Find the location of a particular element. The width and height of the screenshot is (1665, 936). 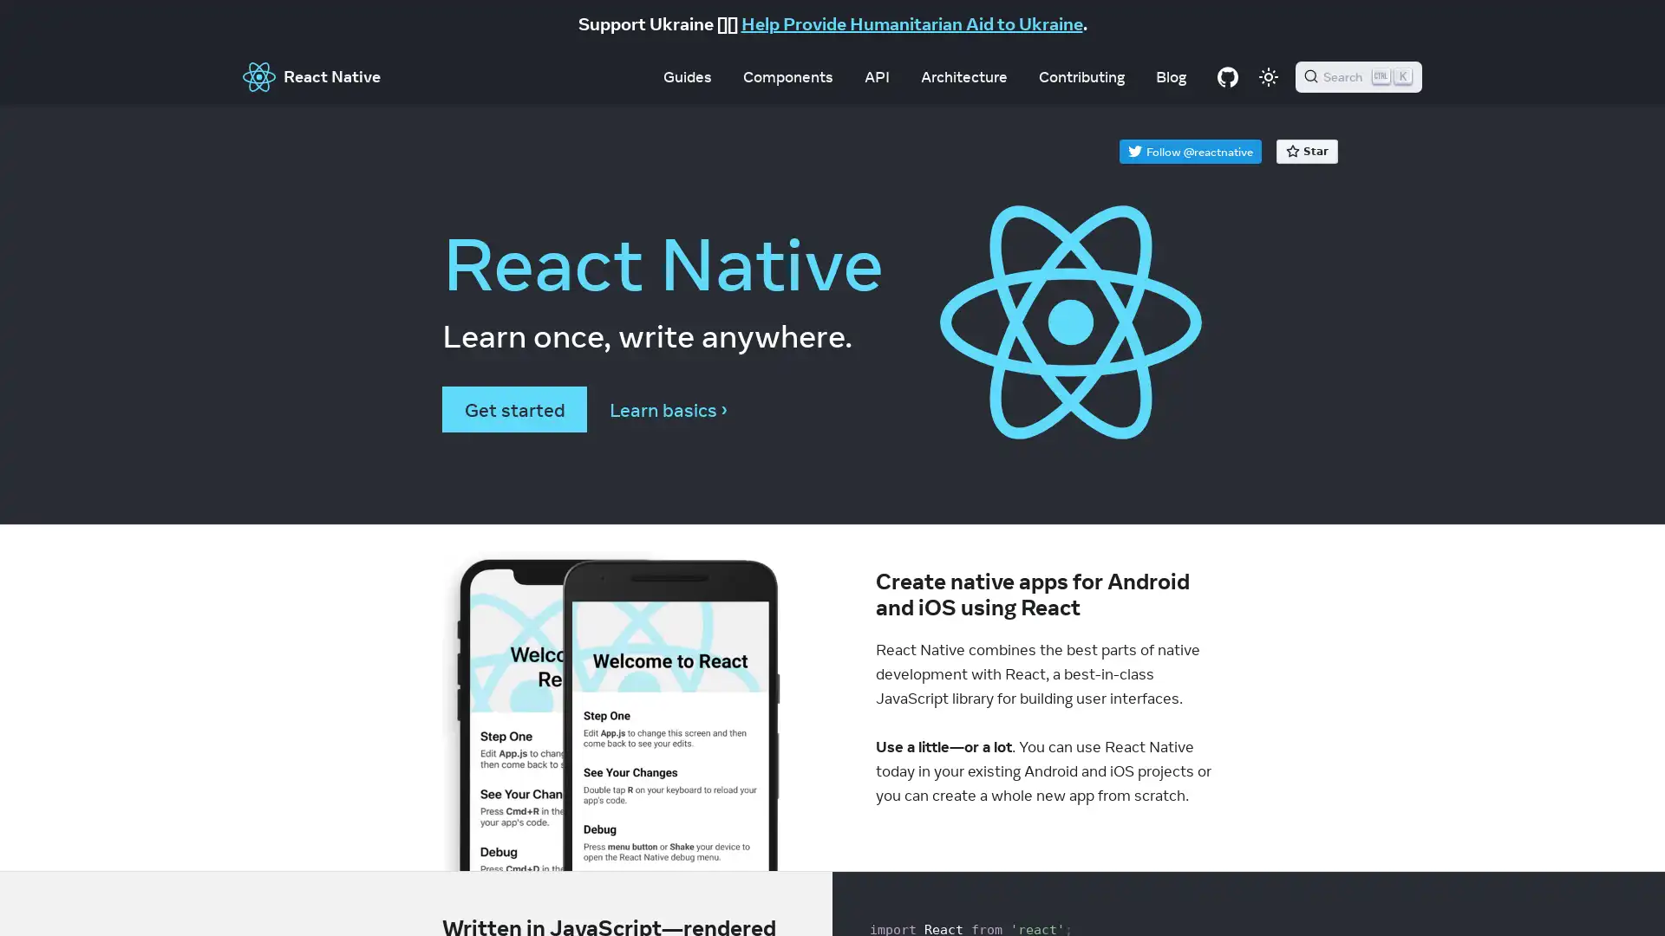

Copy code to clipboard is located at coordinates (1198, 894).